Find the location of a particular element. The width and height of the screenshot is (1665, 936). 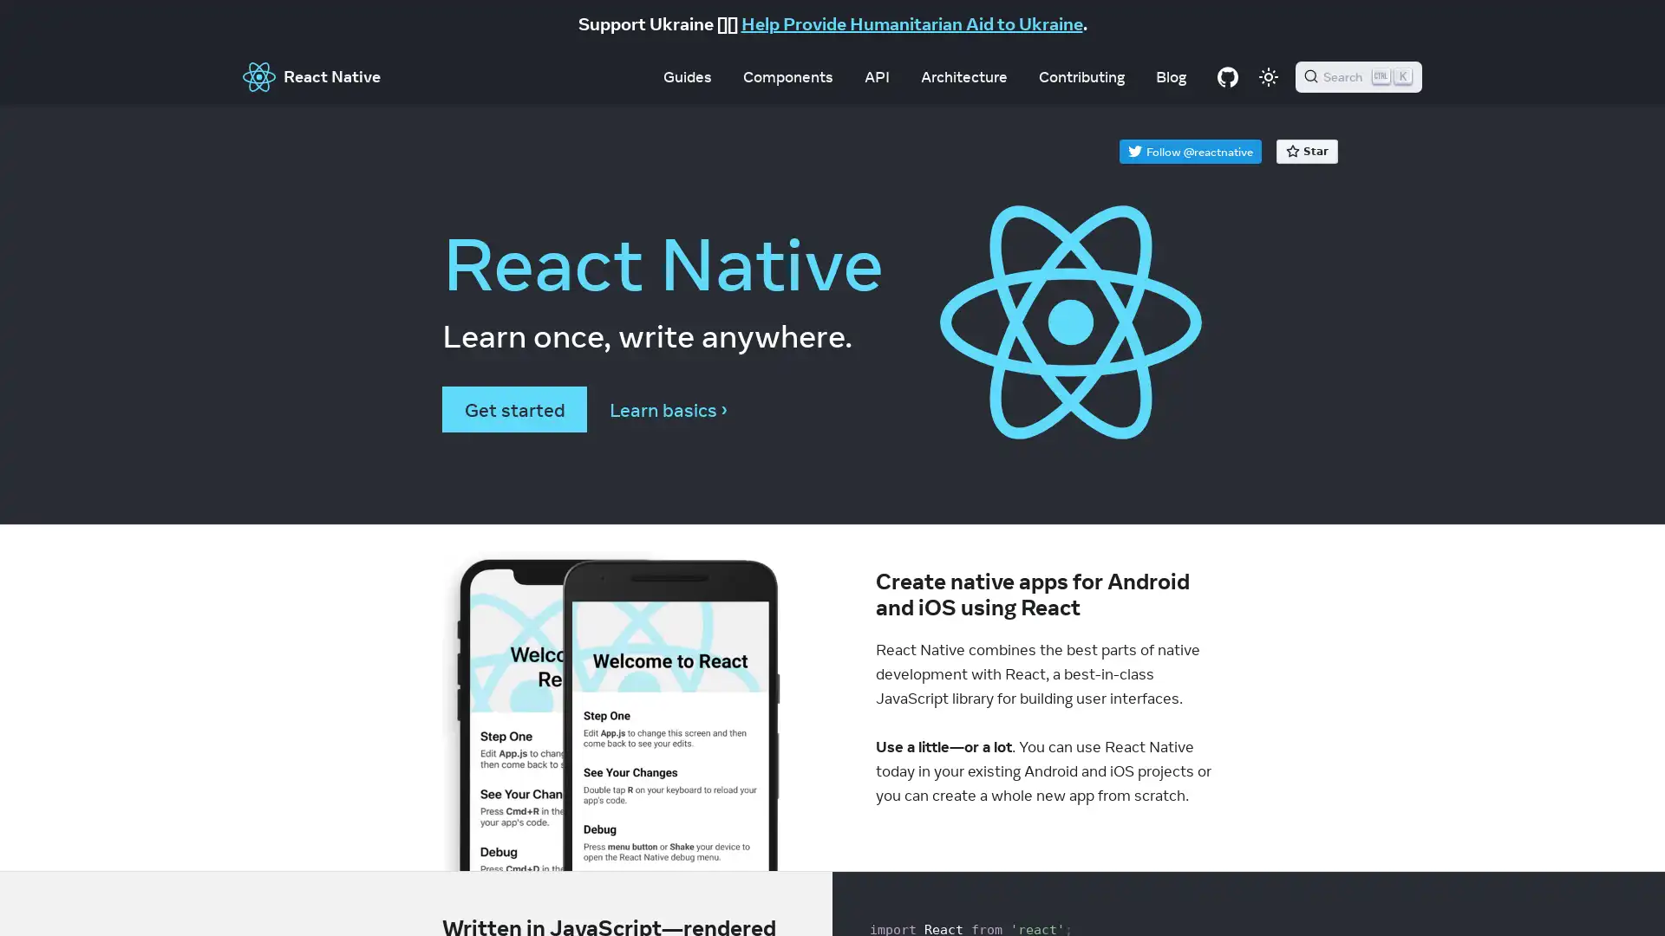

Copy code to clipboard is located at coordinates (1198, 894).